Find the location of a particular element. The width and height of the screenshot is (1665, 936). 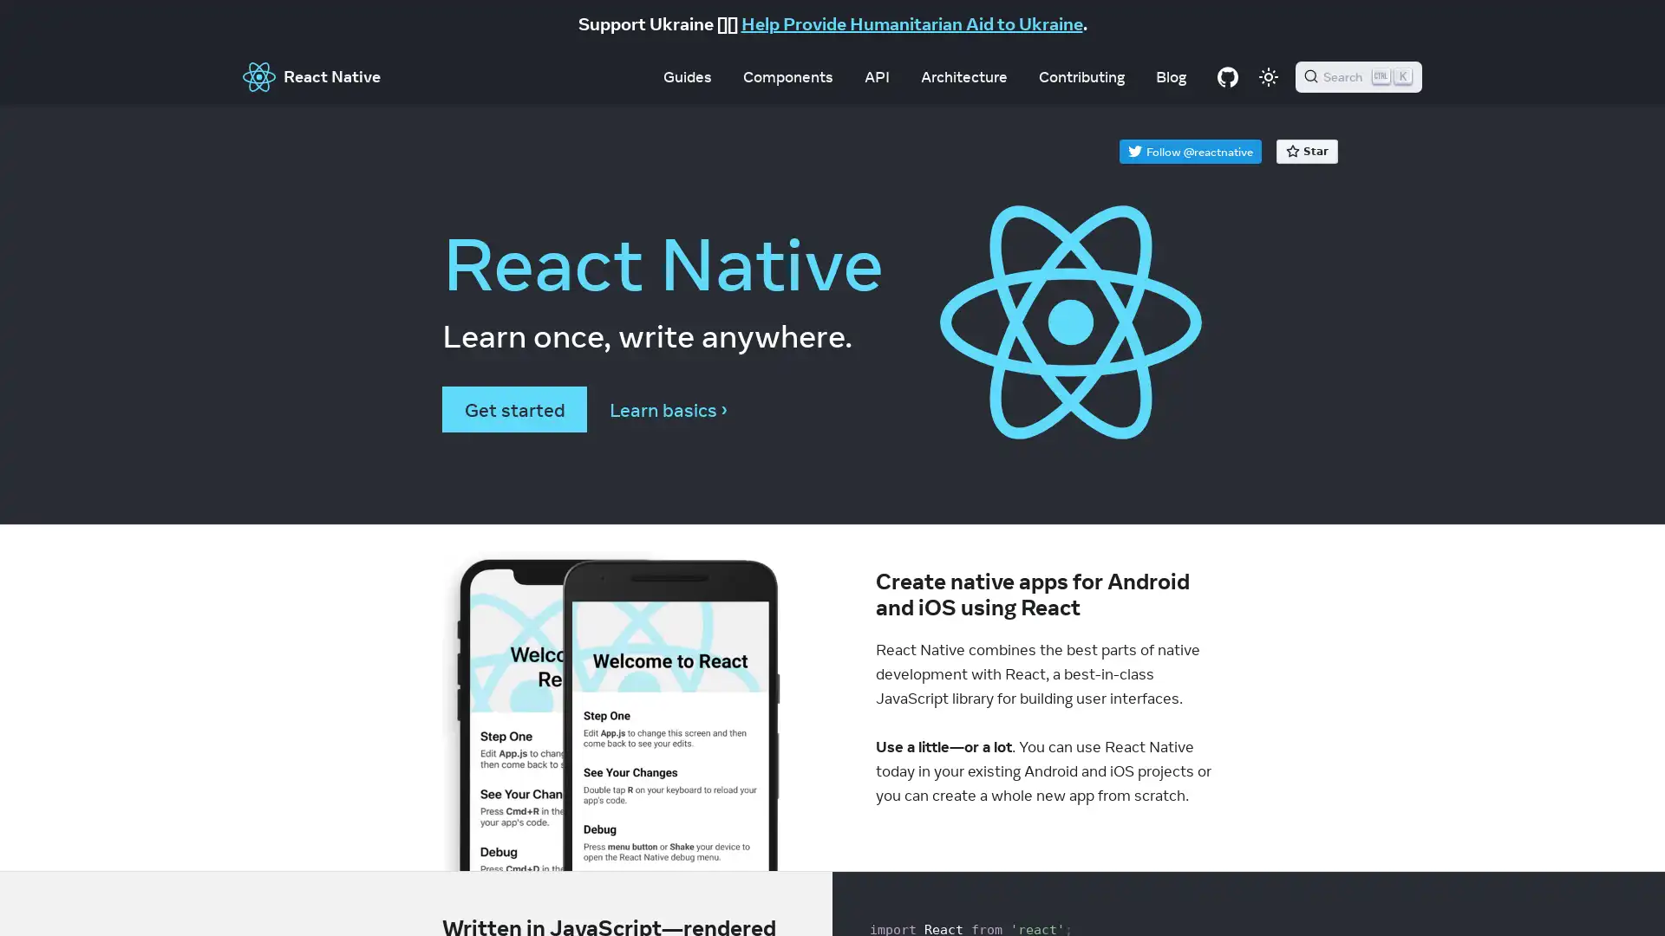

Copy code to clipboard is located at coordinates (1198, 894).